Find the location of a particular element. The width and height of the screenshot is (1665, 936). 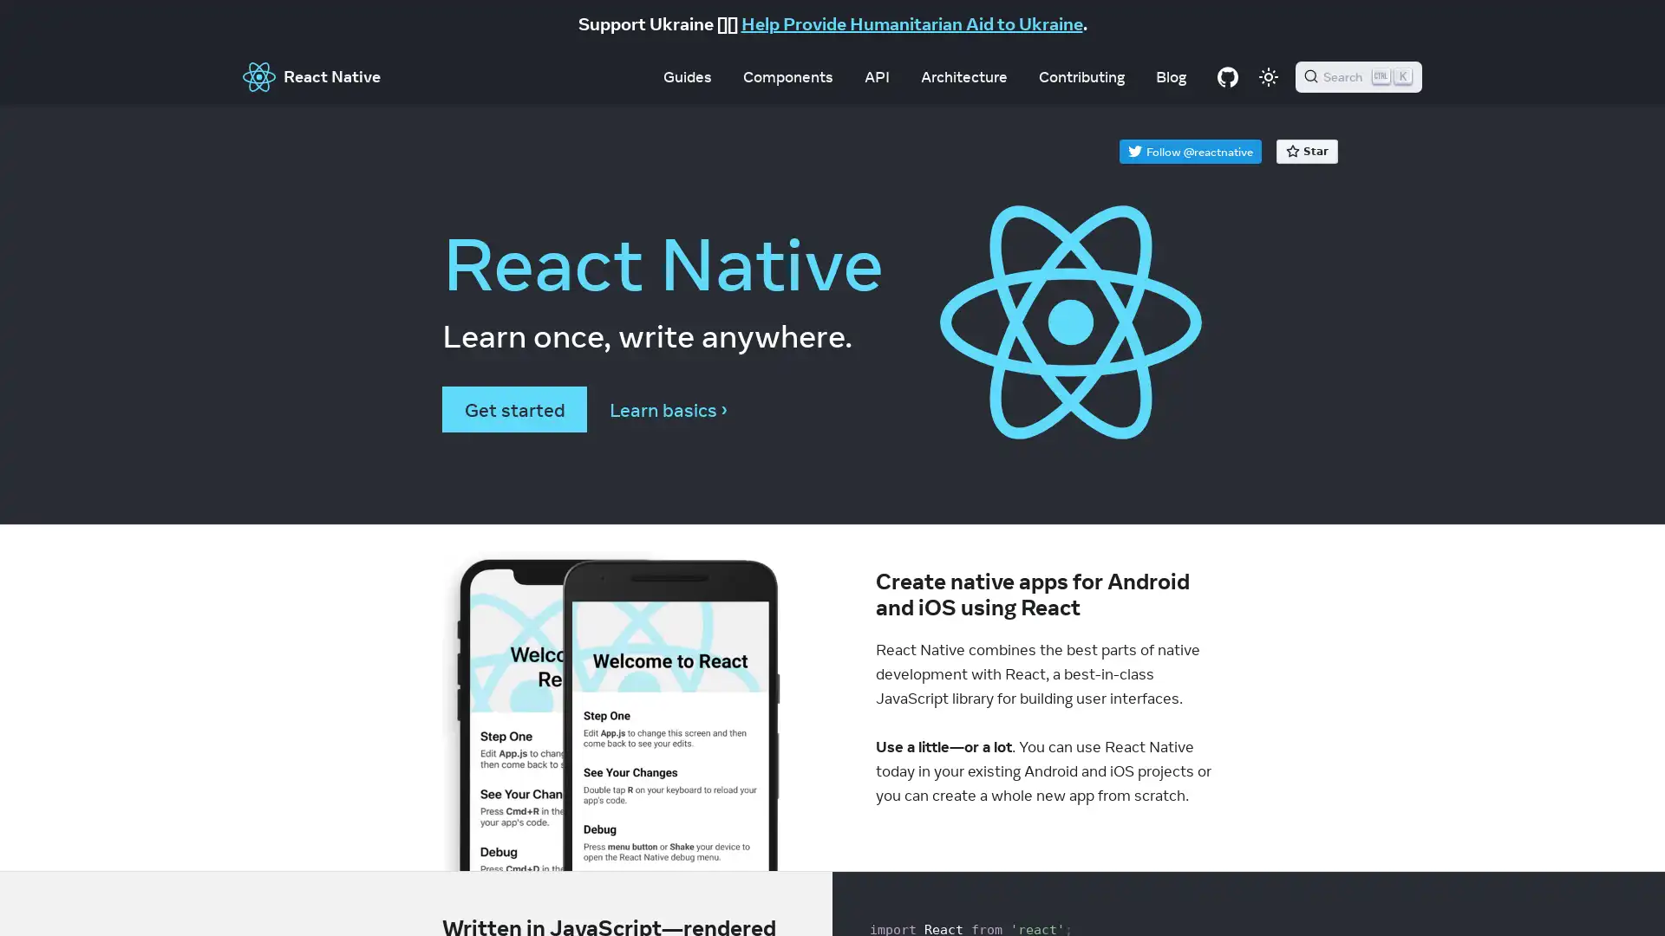

Copy code to clipboard is located at coordinates (1198, 894).